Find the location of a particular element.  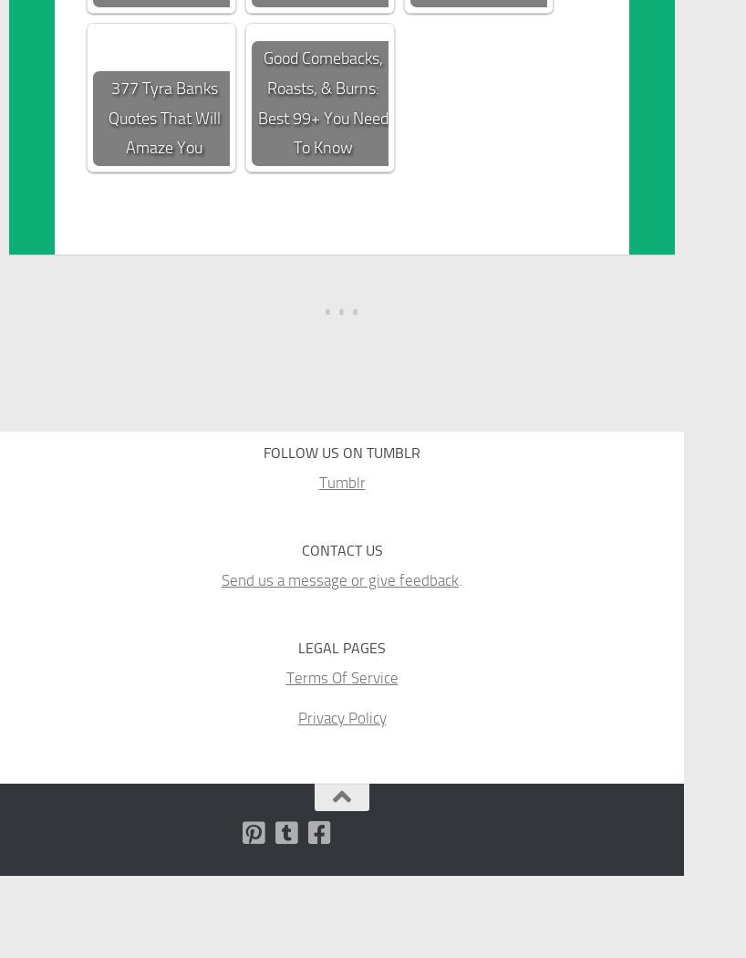

'Follow Us On Tumblr' is located at coordinates (262, 451).